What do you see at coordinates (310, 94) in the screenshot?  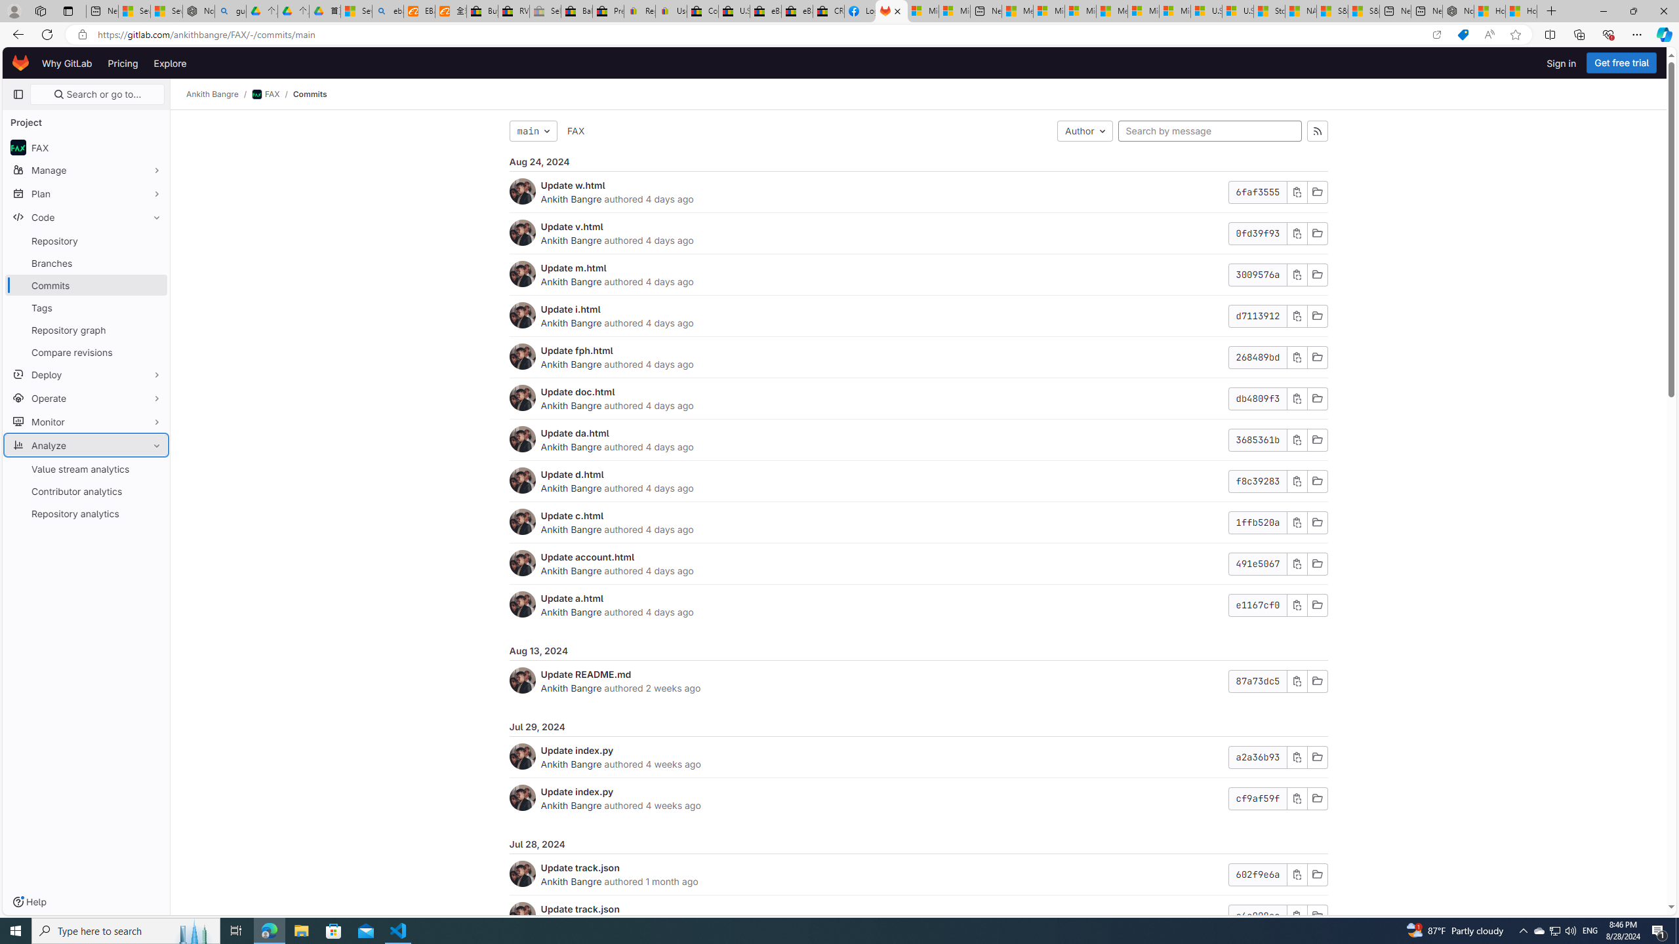 I see `'Commits'` at bounding box center [310, 94].